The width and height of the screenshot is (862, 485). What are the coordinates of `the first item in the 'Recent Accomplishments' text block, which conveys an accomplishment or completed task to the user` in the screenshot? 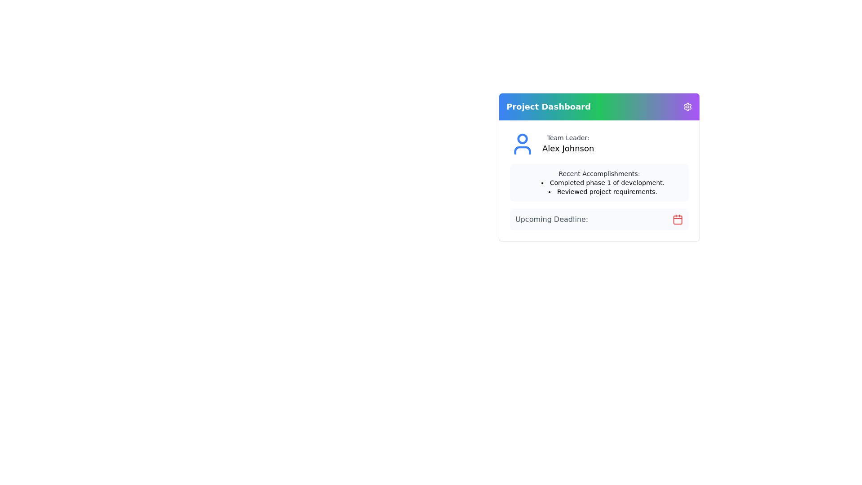 It's located at (603, 182).